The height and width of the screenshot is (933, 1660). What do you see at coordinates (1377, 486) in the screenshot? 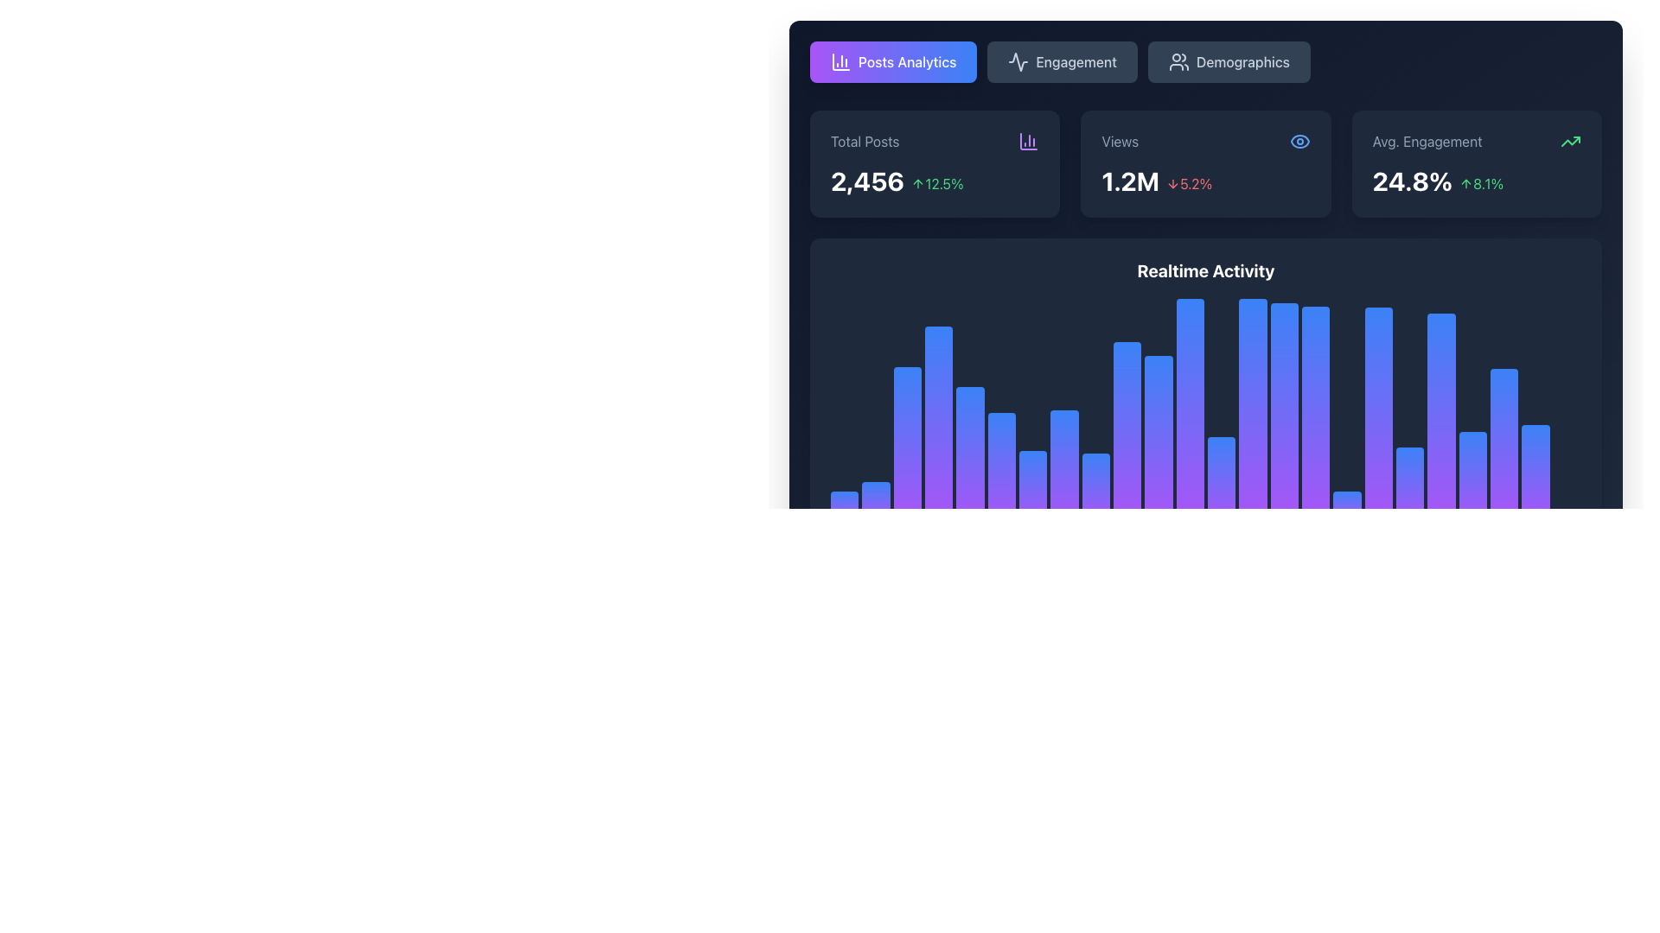
I see `the rectangular Graph bar with a gradient from purple to blue, located in the 18th position from the left within a group of similar bars` at bounding box center [1377, 486].